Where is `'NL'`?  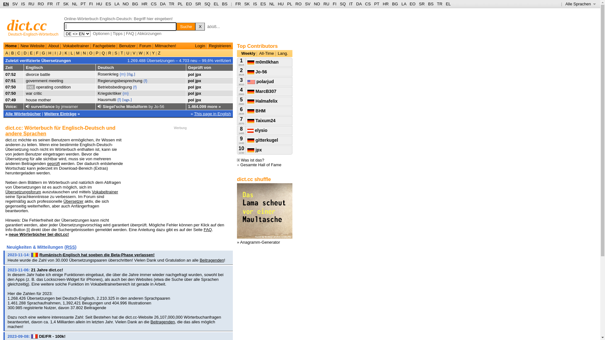
'NL' is located at coordinates (74, 4).